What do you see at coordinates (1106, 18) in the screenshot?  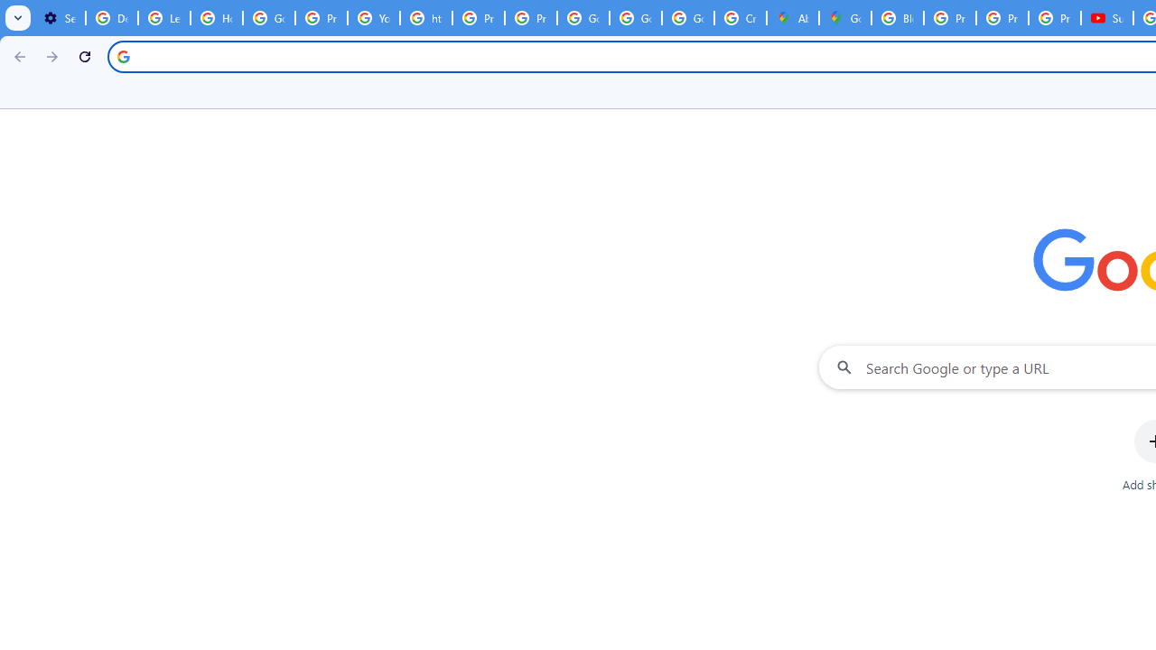 I see `'Subscriptions - YouTube'` at bounding box center [1106, 18].